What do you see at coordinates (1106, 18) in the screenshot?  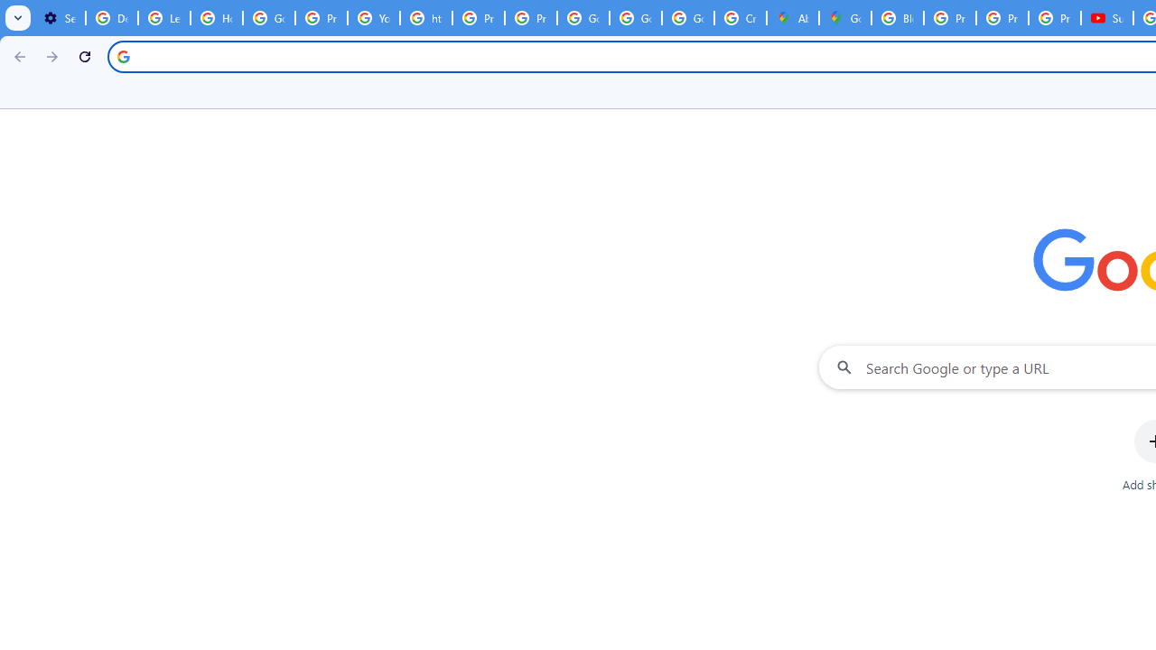 I see `'Subscriptions - YouTube'` at bounding box center [1106, 18].